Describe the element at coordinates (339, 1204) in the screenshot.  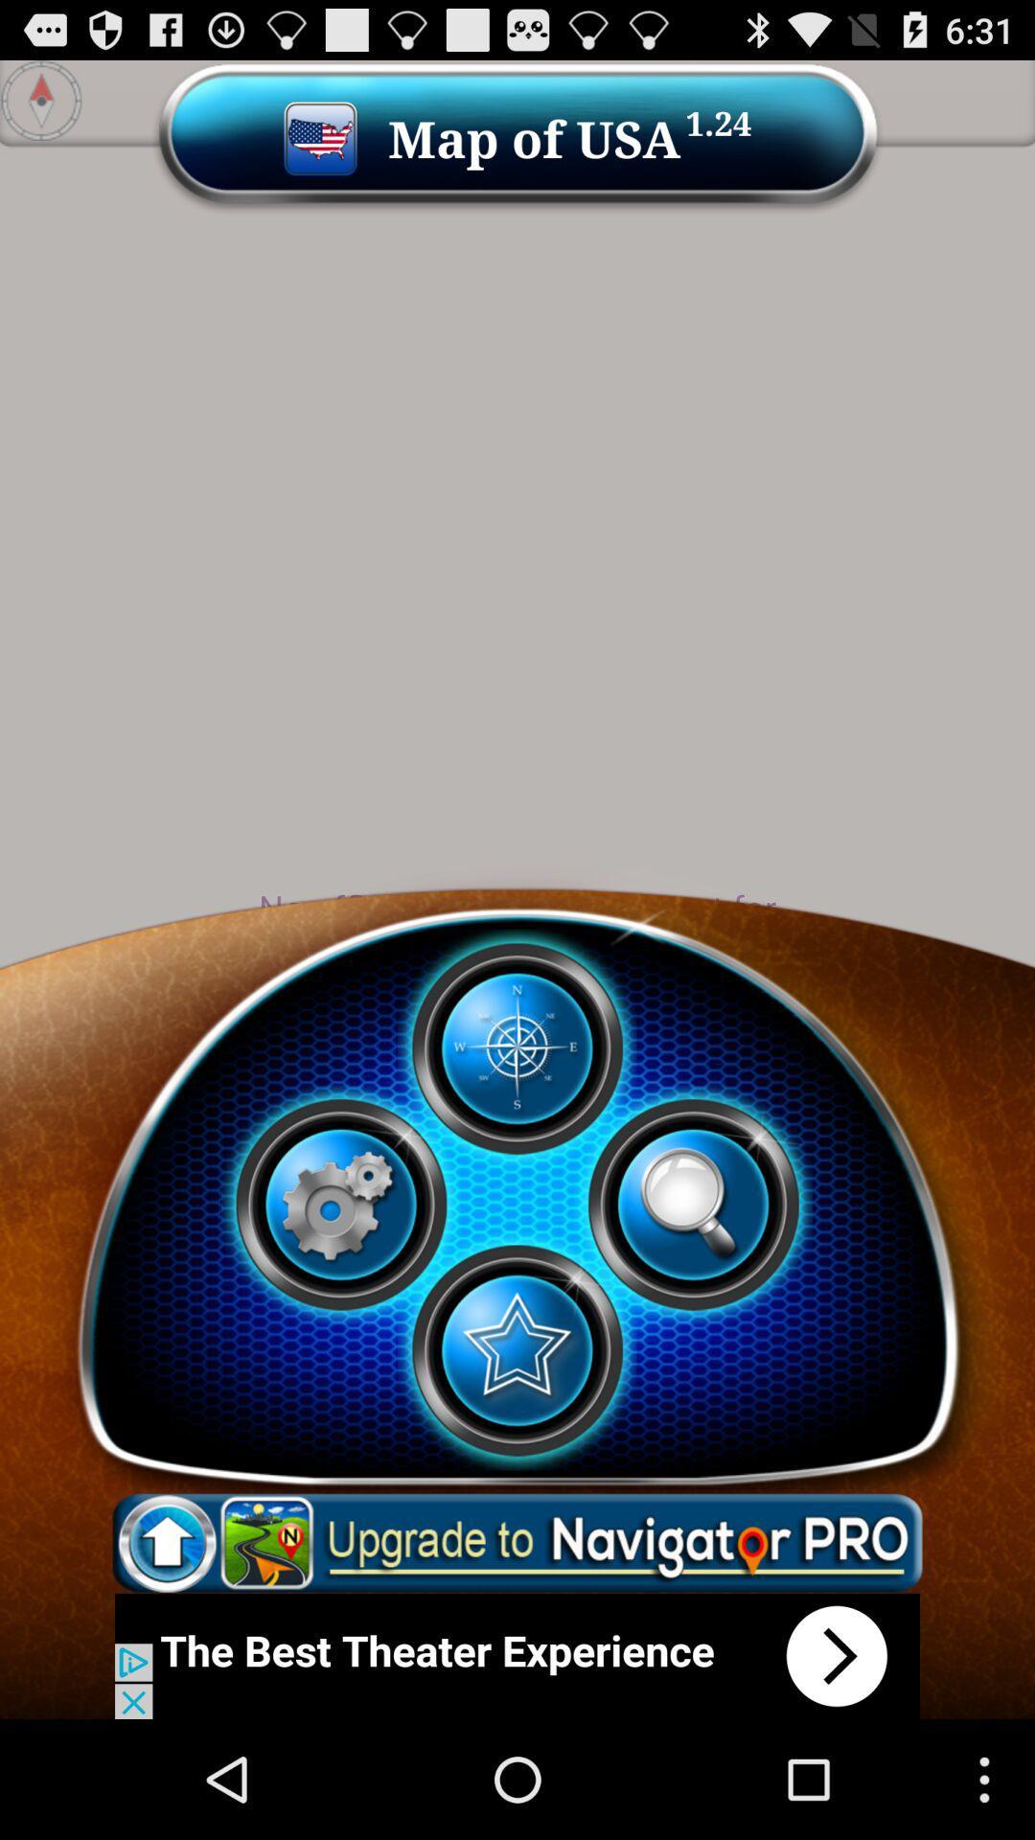
I see `settings` at that location.